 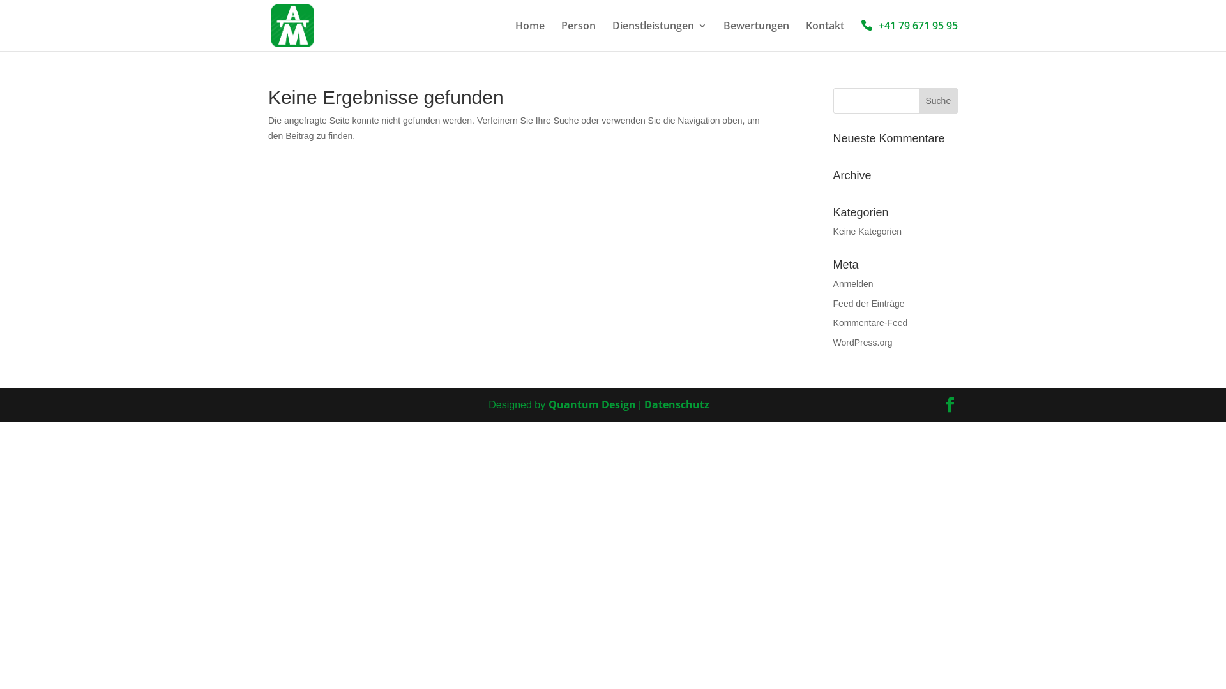 What do you see at coordinates (938, 100) in the screenshot?
I see `'Suche'` at bounding box center [938, 100].